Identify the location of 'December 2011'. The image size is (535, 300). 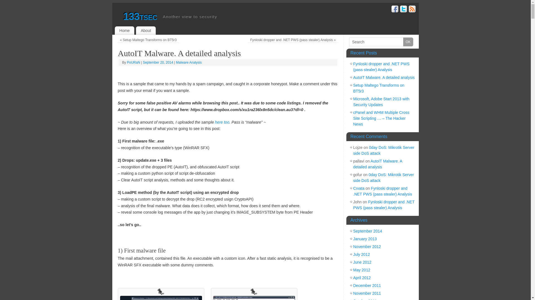
(367, 286).